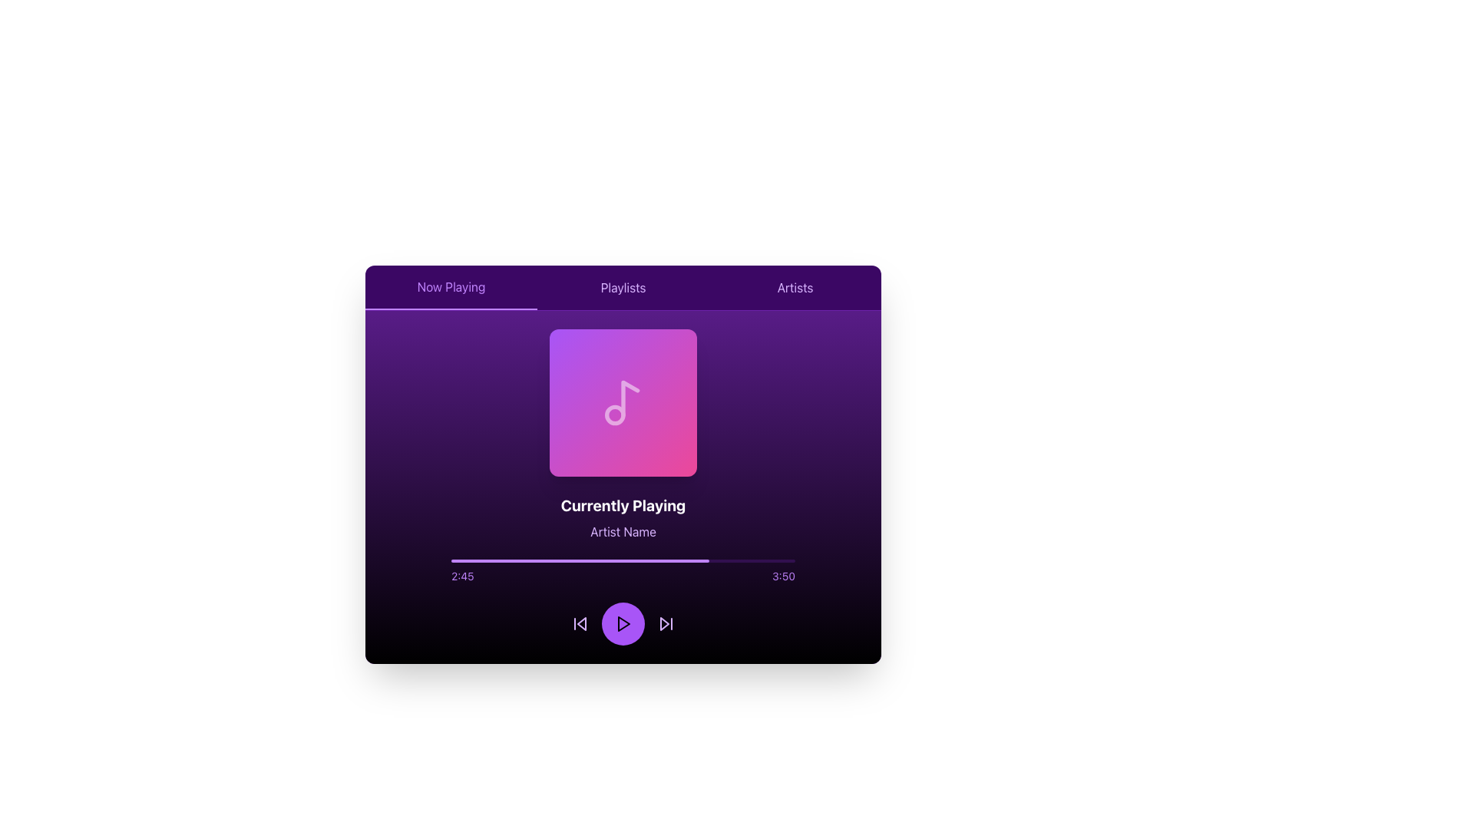  Describe the element at coordinates (623, 624) in the screenshot. I see `the play button with an embedded SVG play icon located at the bottom center of the interface to initiate or resume playback of media` at that location.